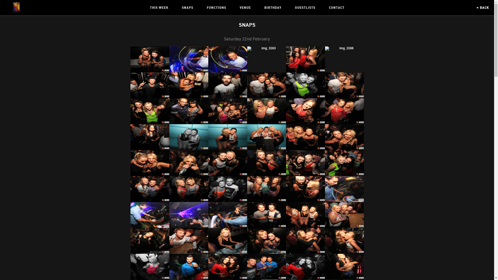  What do you see at coordinates (169, 59) in the screenshot?
I see `' '` at bounding box center [169, 59].